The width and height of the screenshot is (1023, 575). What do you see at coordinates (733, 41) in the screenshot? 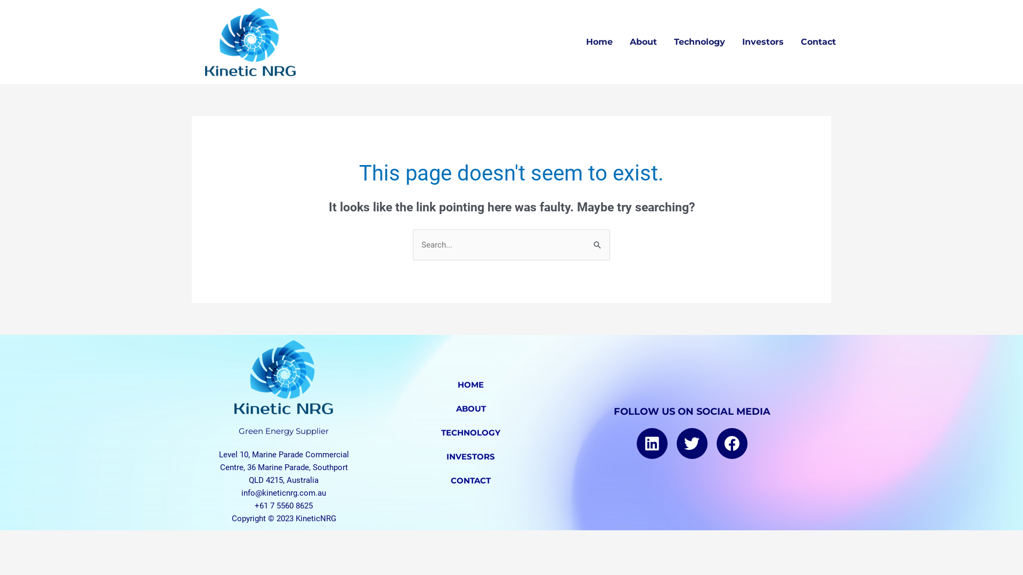
I see `'Investors'` at bounding box center [733, 41].